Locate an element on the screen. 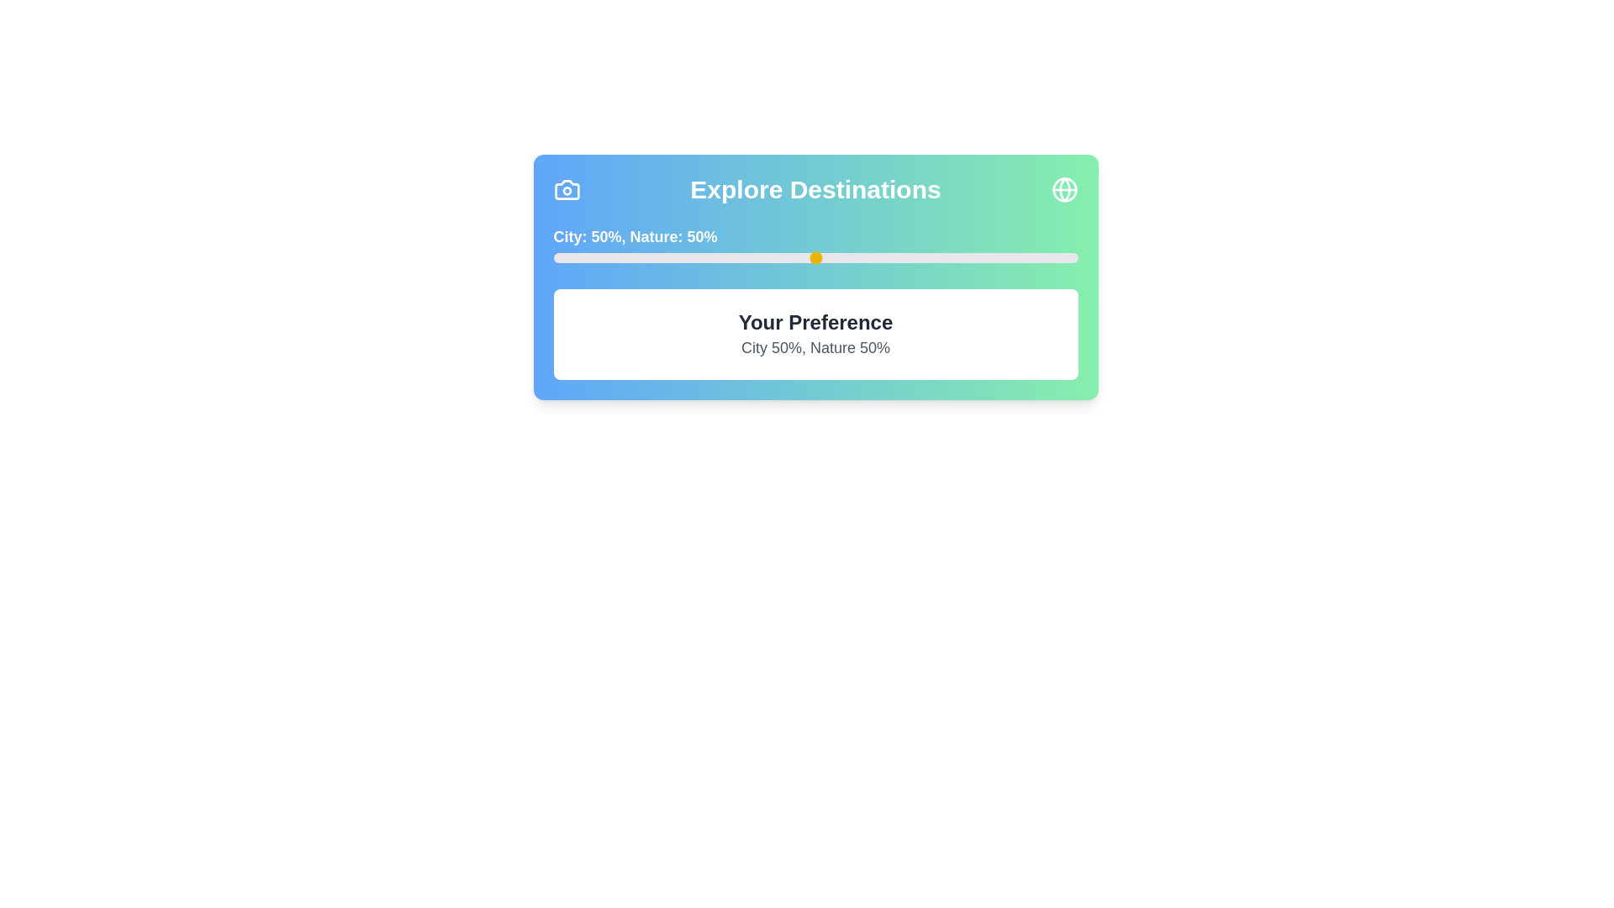 Image resolution: width=1614 pixels, height=908 pixels. the slider to set the Nature preference to 94% is located at coordinates (1046, 258).